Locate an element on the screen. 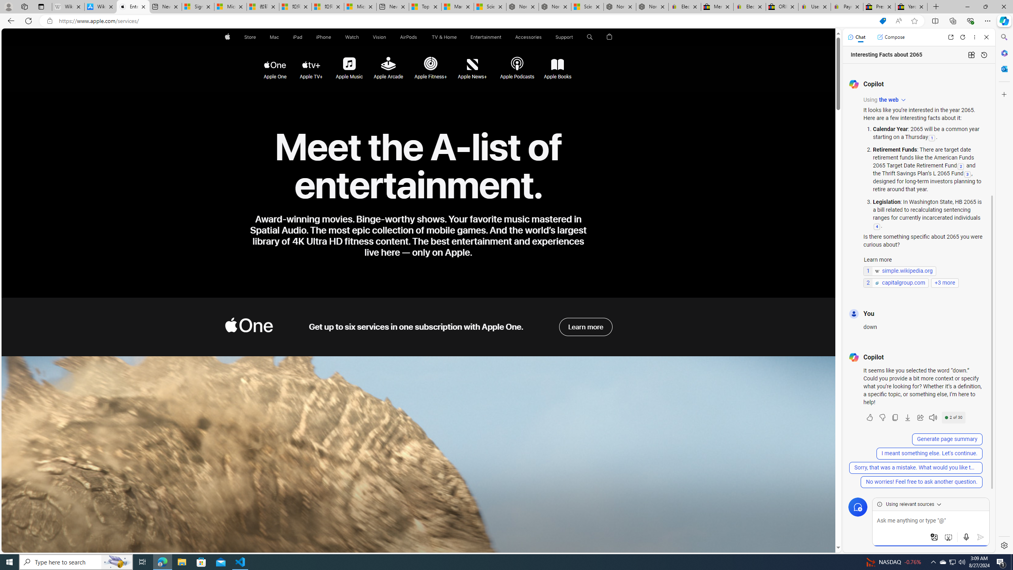  'Apple Books' is located at coordinates (558, 65).